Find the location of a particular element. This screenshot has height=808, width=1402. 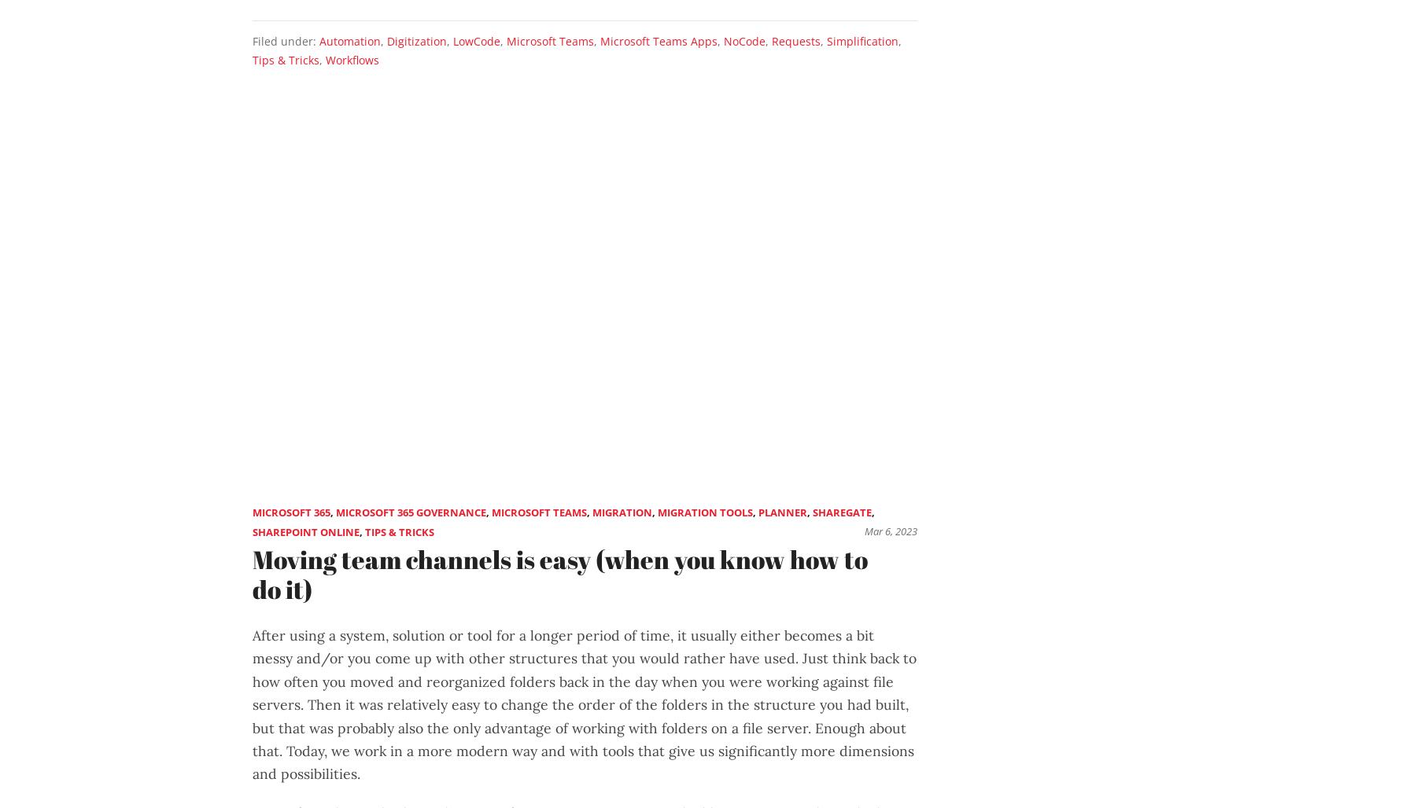

'Planner' is located at coordinates (782, 512).